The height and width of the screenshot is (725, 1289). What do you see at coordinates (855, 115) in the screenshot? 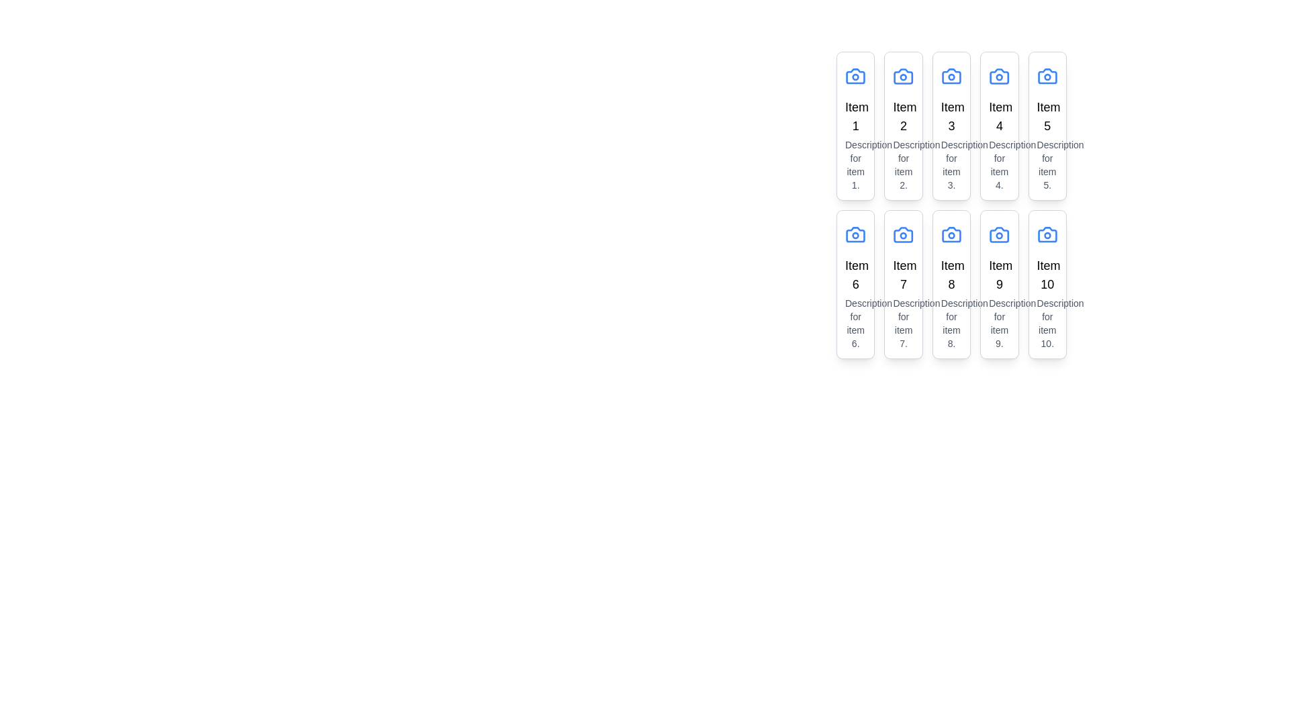
I see `the static text label displaying 'Item 1', which is prominently styled and positioned below an icon in the upper-left corner of the grid layout` at bounding box center [855, 115].